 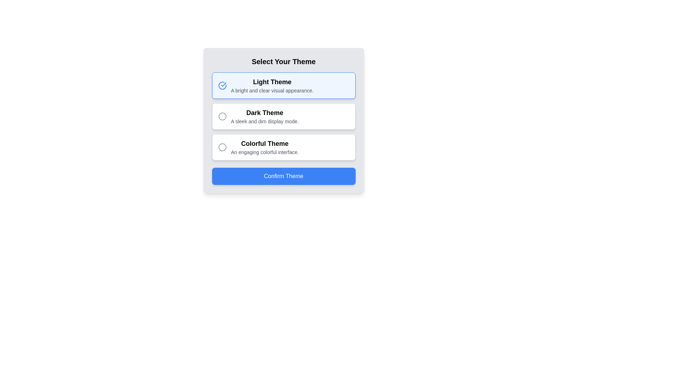 I want to click on the 'Dark Theme' text label, which is prominently displayed in bold font as a heading in the theme selection section, so click(x=264, y=113).